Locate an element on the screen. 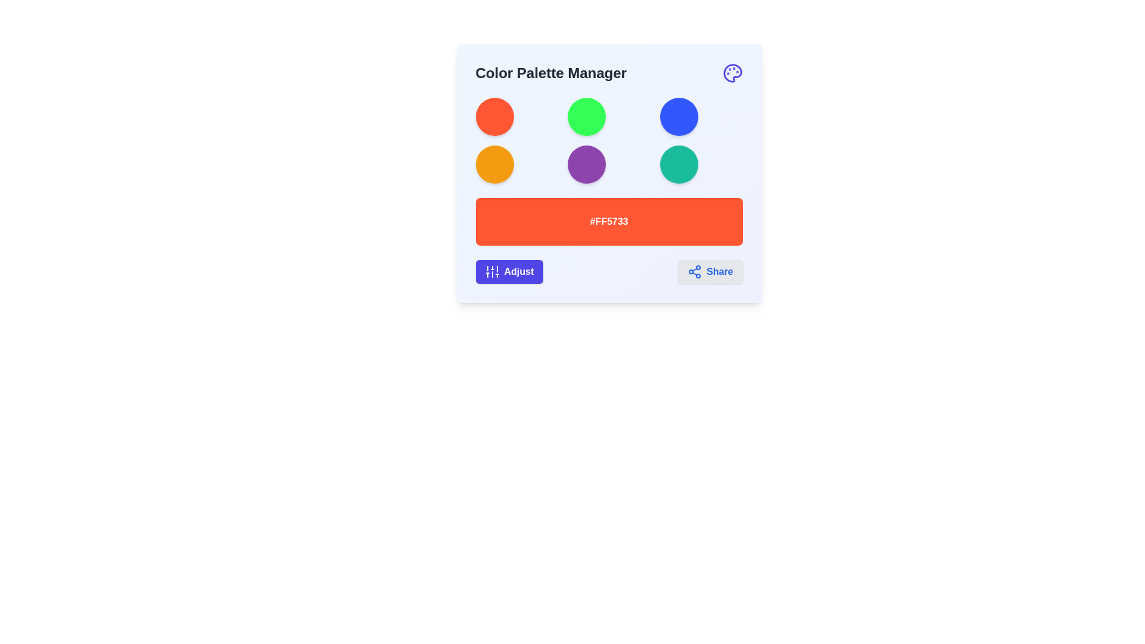 The image size is (1145, 644). header text 'Color Palette Manager' located at the top of the interface, styled in bold, dark text on the left with a purple palette icon on the right is located at coordinates (609, 73).